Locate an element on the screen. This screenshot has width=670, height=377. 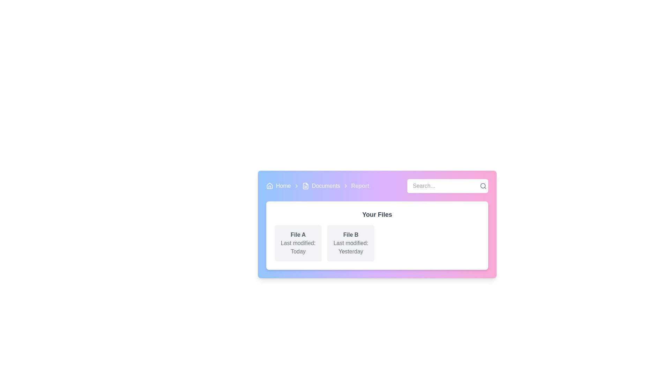
the 'Documents' navigation link in the breadcrumb navigation bar is located at coordinates (321, 185).